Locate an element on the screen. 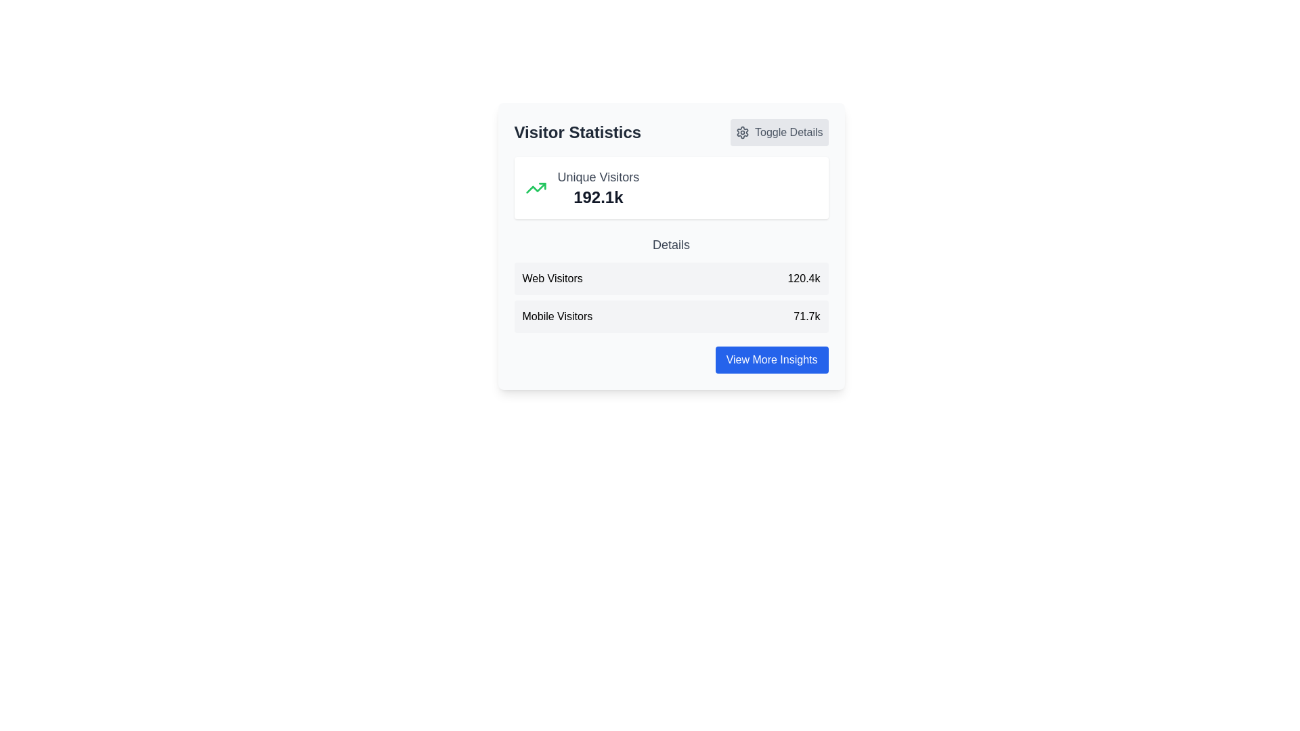 The width and height of the screenshot is (1300, 731). the button located in the top right corner of the 'Visitor Statistics' box is located at coordinates (779, 133).